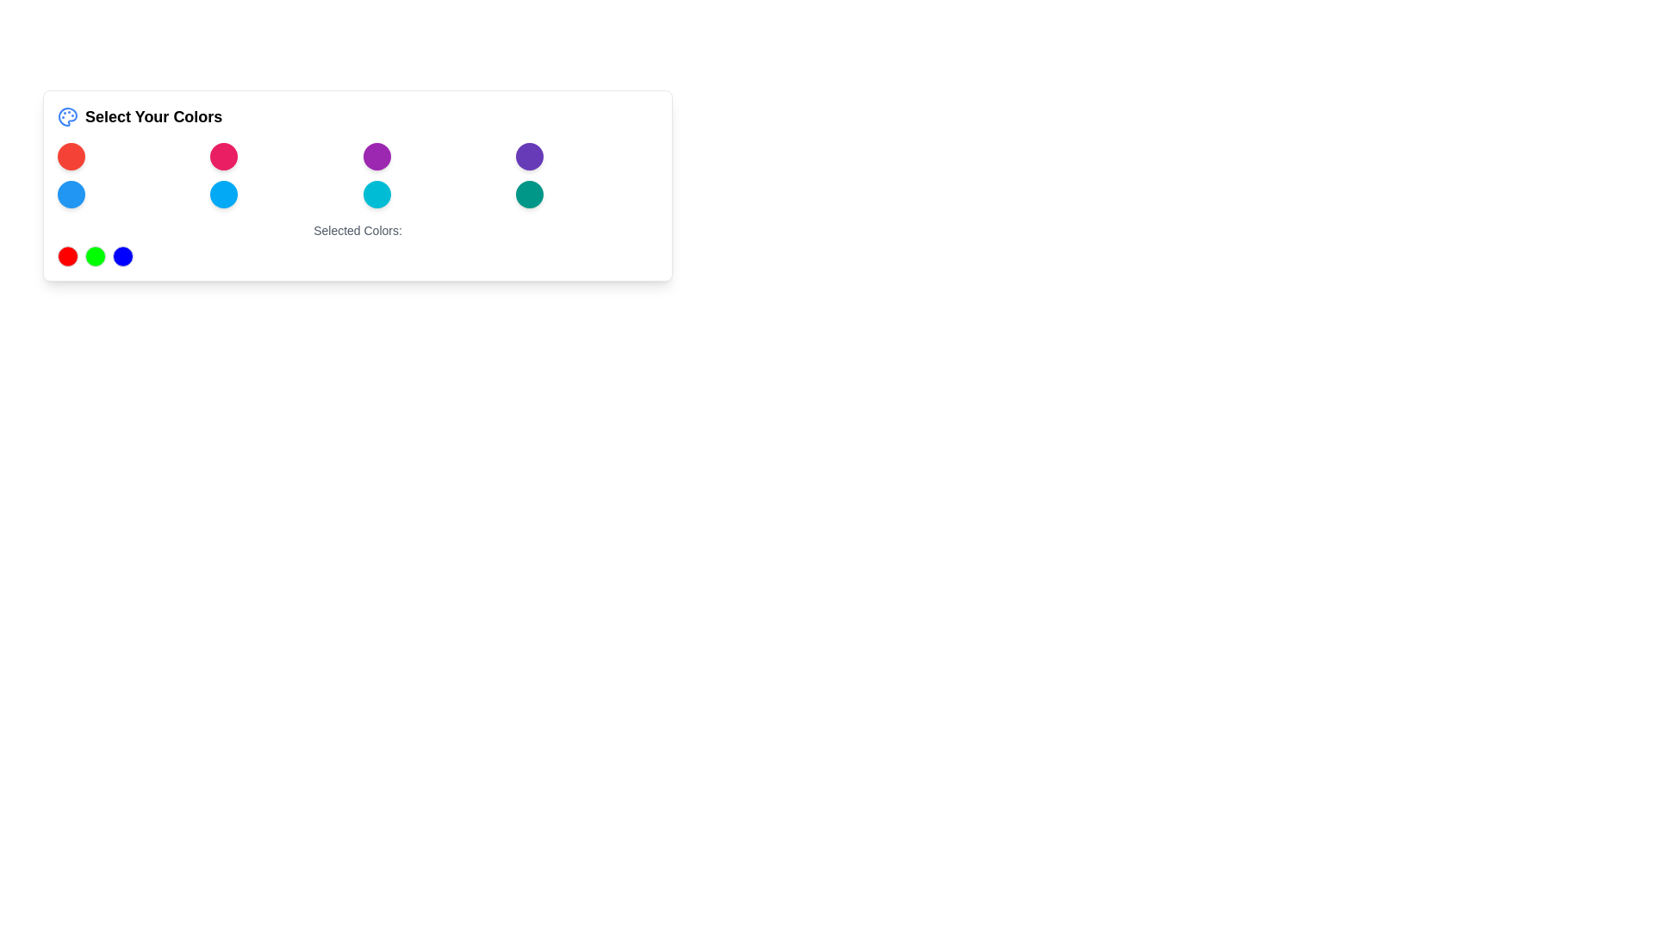  I want to click on the color selection button located in the second row and third column of the grid, so click(376, 194).